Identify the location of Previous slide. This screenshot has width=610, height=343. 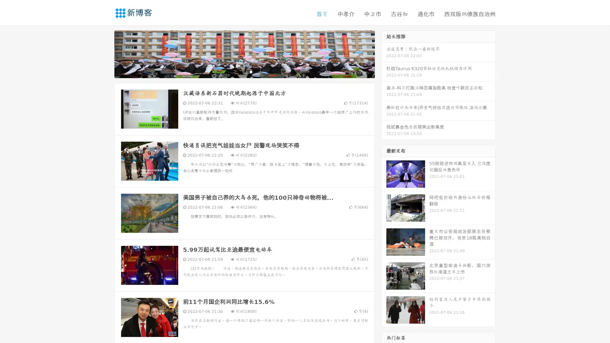
(105, 53).